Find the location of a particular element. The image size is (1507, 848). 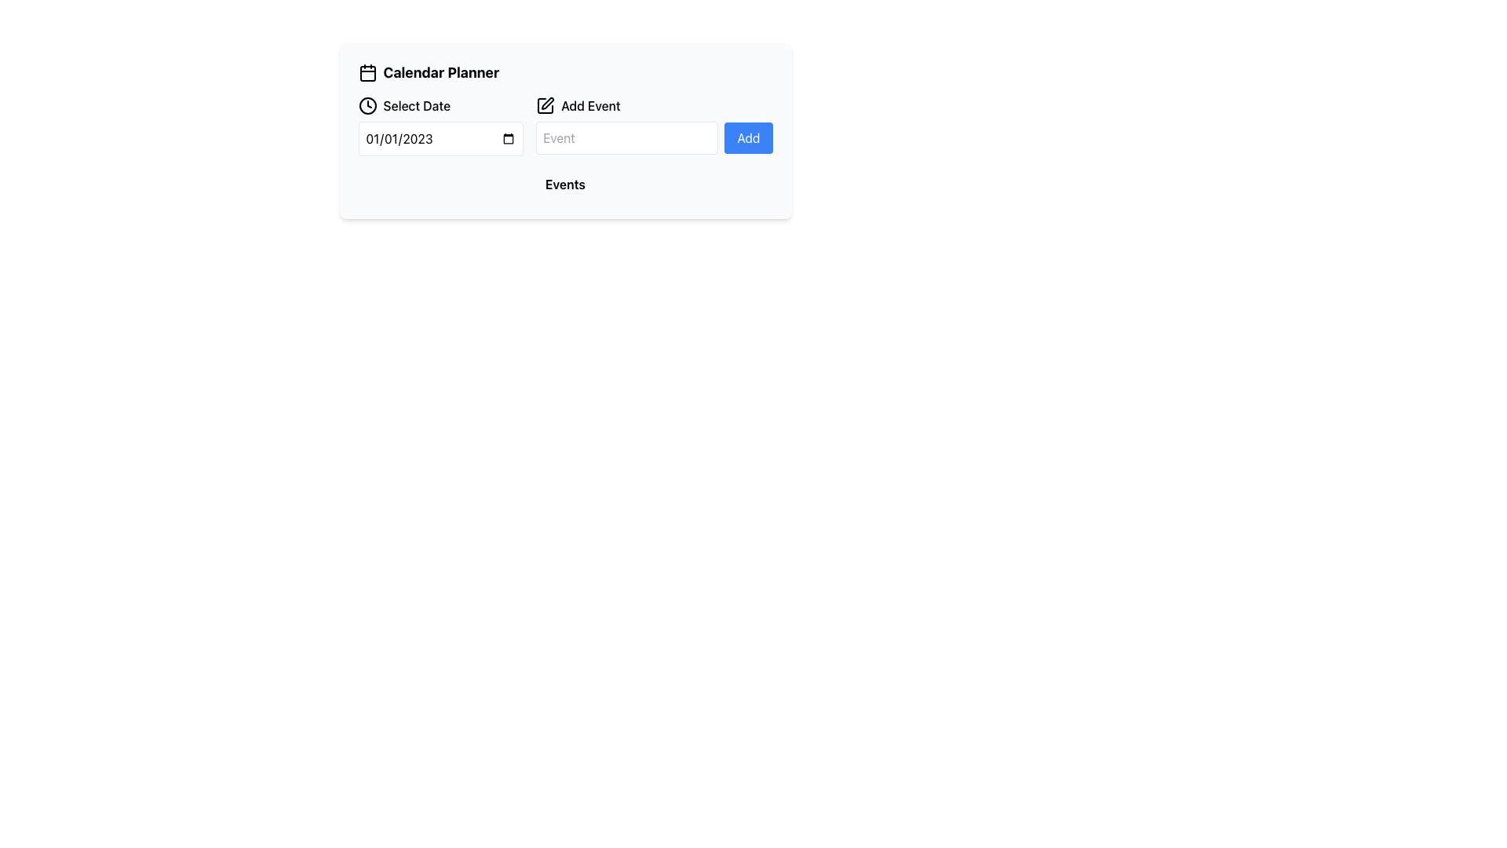

the static text label that introduces the events section, labeled 'Events', located beneath the 'Add Event' button is located at coordinates (565, 184).